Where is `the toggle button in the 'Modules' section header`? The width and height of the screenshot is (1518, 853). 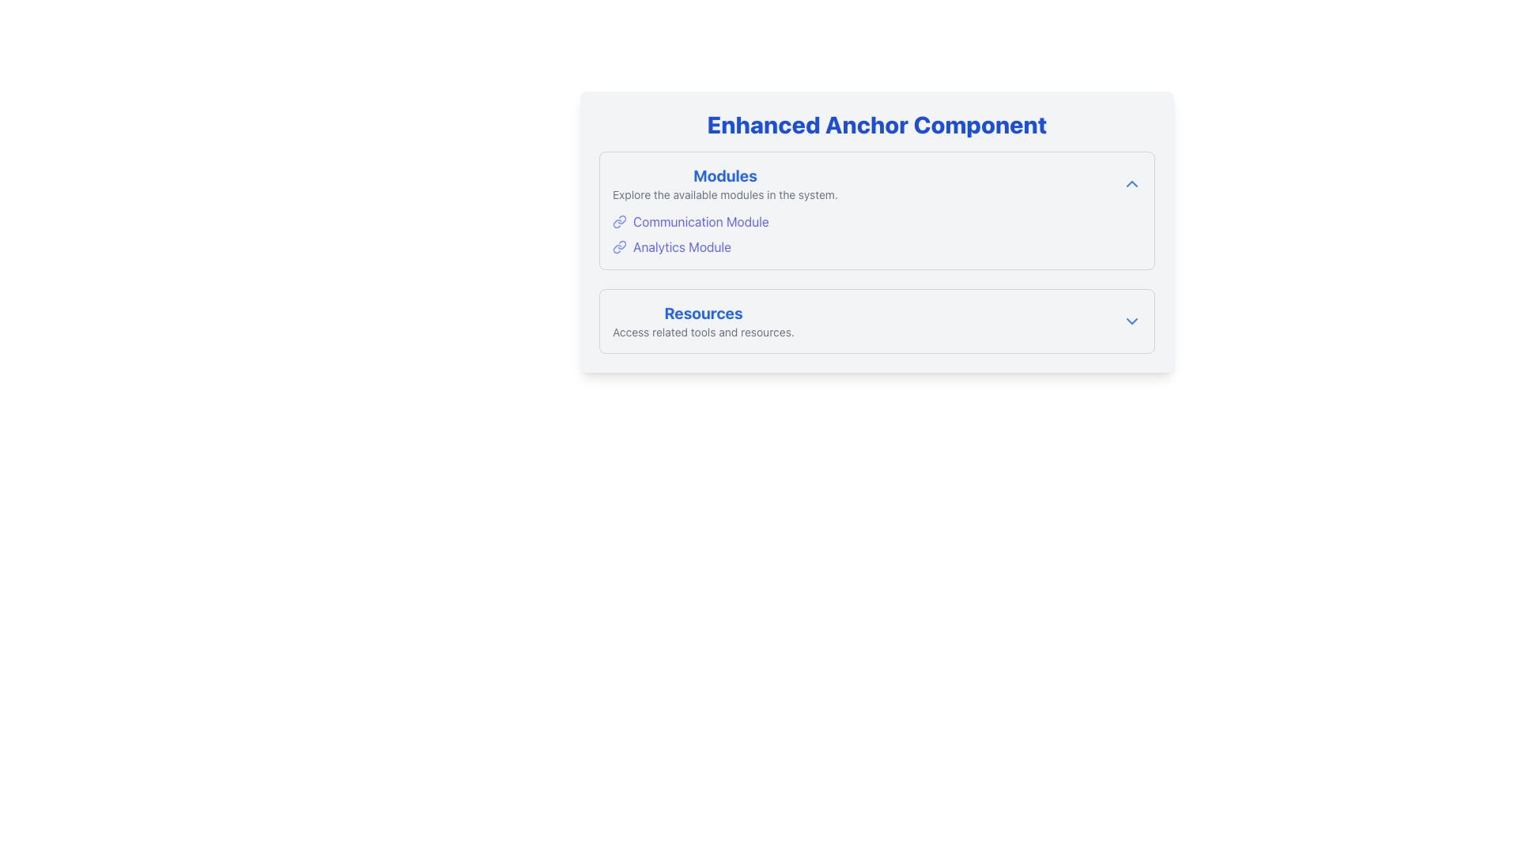 the toggle button in the 'Modules' section header is located at coordinates (1131, 182).